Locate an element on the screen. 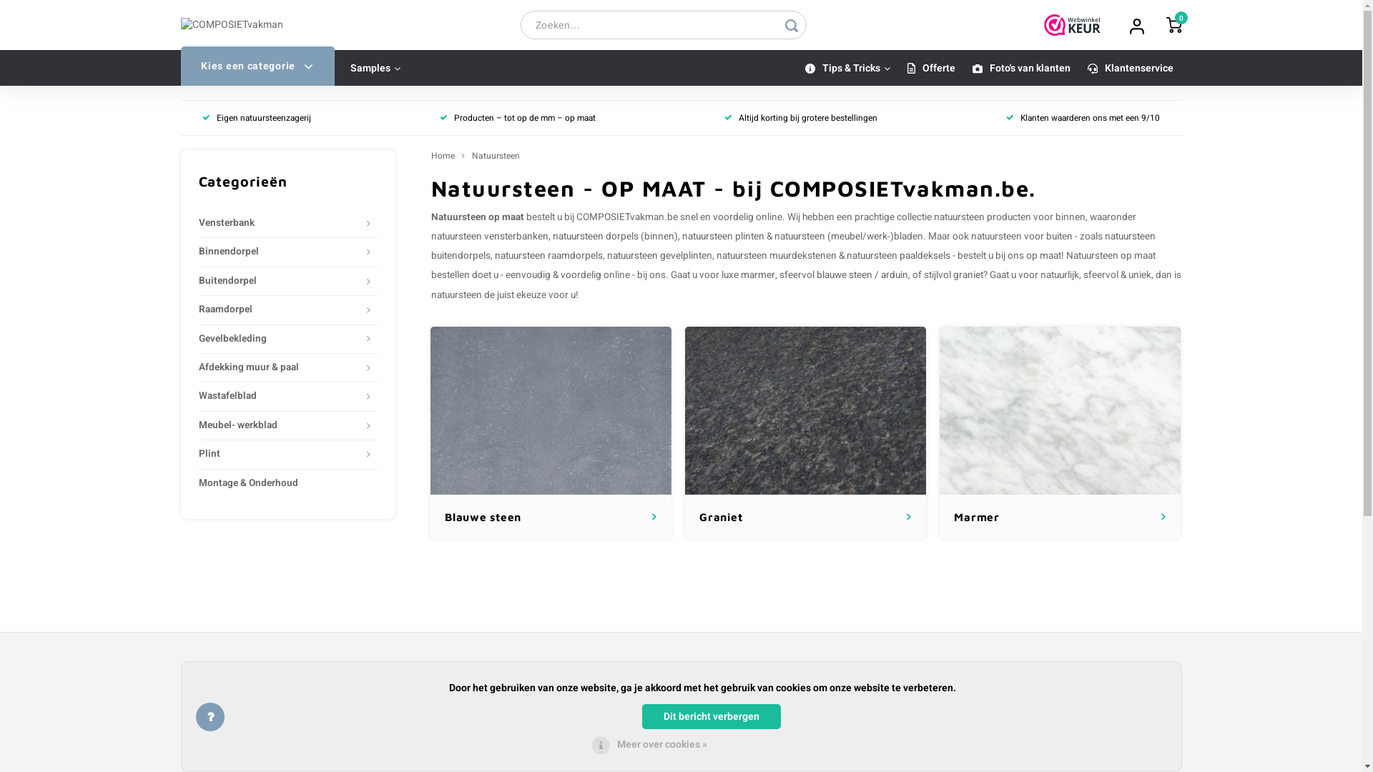  'natuursteen raamdorpels' is located at coordinates (548, 255).